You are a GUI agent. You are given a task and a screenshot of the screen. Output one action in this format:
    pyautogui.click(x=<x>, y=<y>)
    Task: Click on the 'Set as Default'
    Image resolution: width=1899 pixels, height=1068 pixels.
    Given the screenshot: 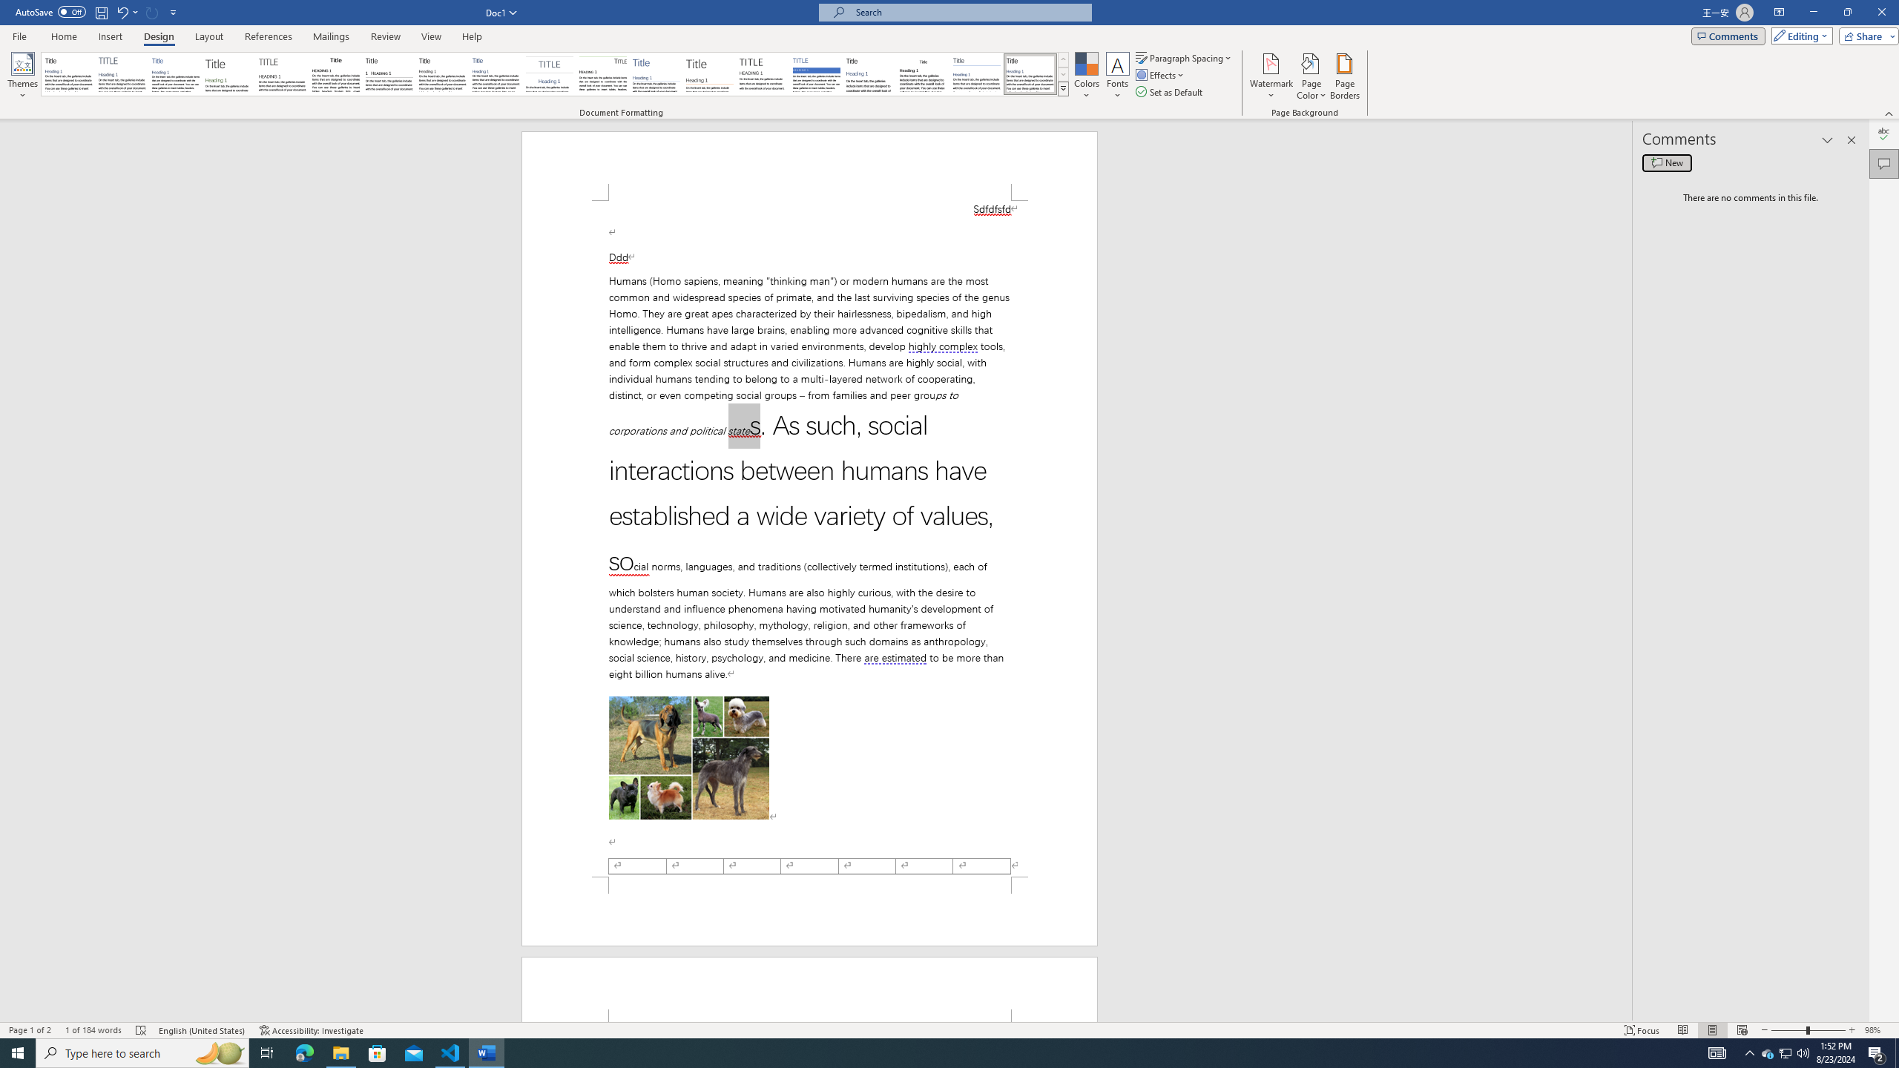 What is the action you would take?
    pyautogui.click(x=1170, y=90)
    